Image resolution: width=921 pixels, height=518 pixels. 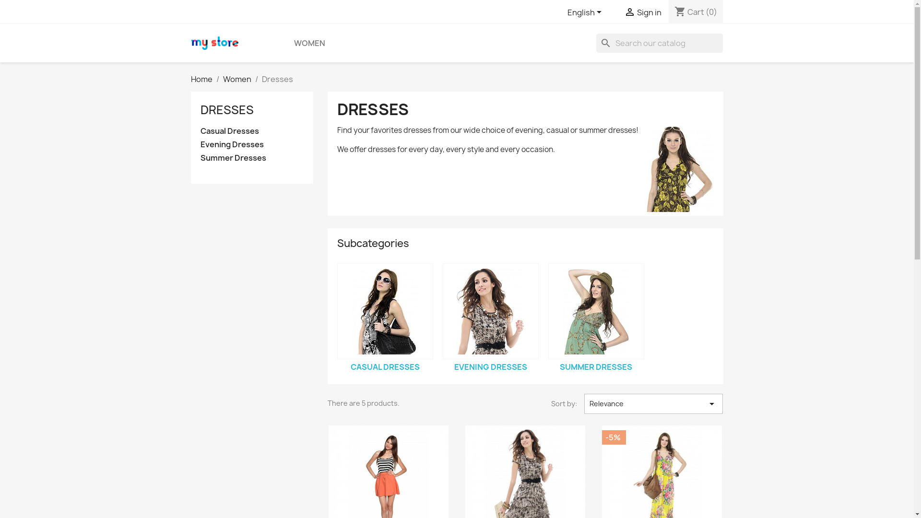 I want to click on 'Summer Dresses', so click(x=595, y=311).